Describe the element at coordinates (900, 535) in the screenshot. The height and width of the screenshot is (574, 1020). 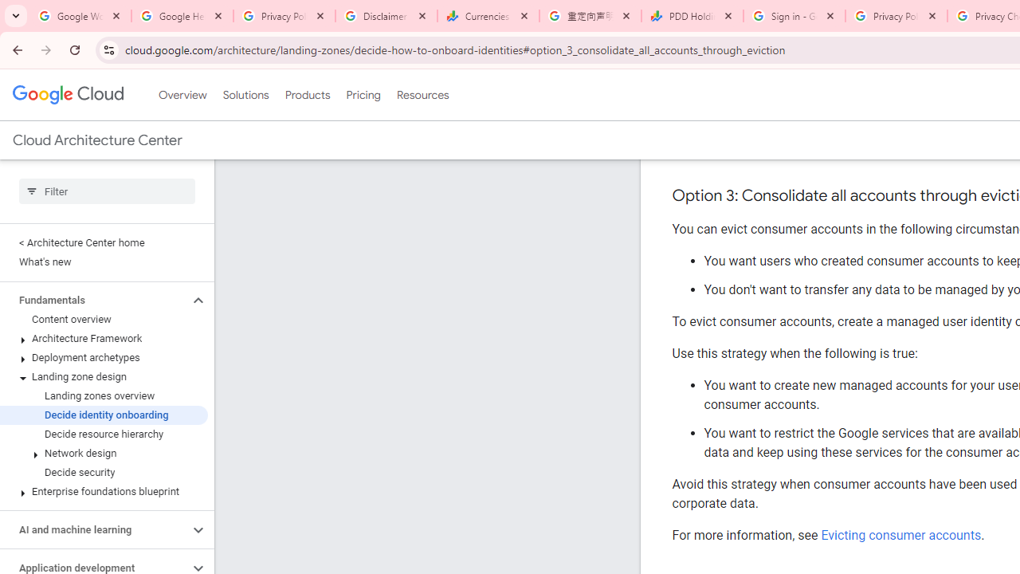
I see `'Evicting consumer accounts'` at that location.